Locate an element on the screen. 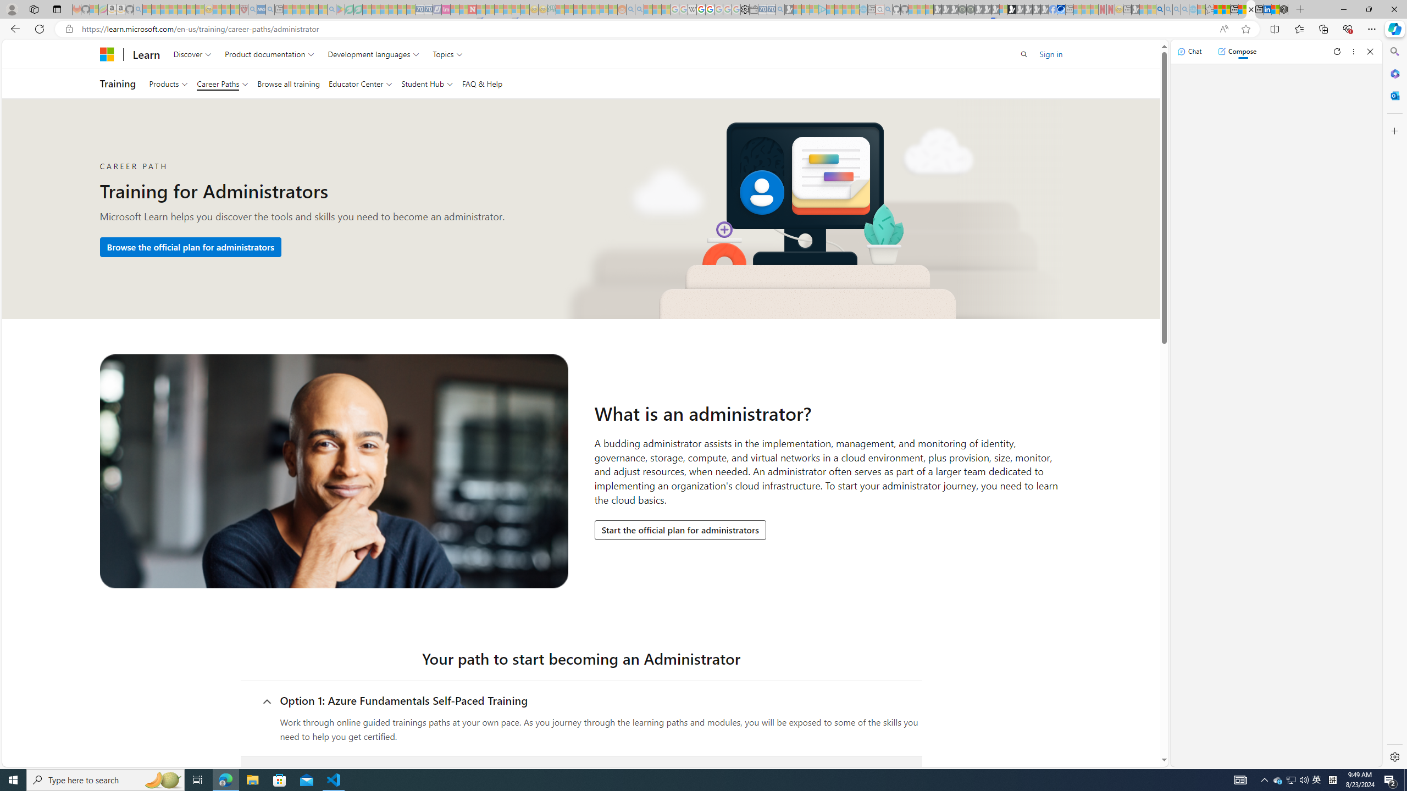  'Educator Center' is located at coordinates (360, 83).